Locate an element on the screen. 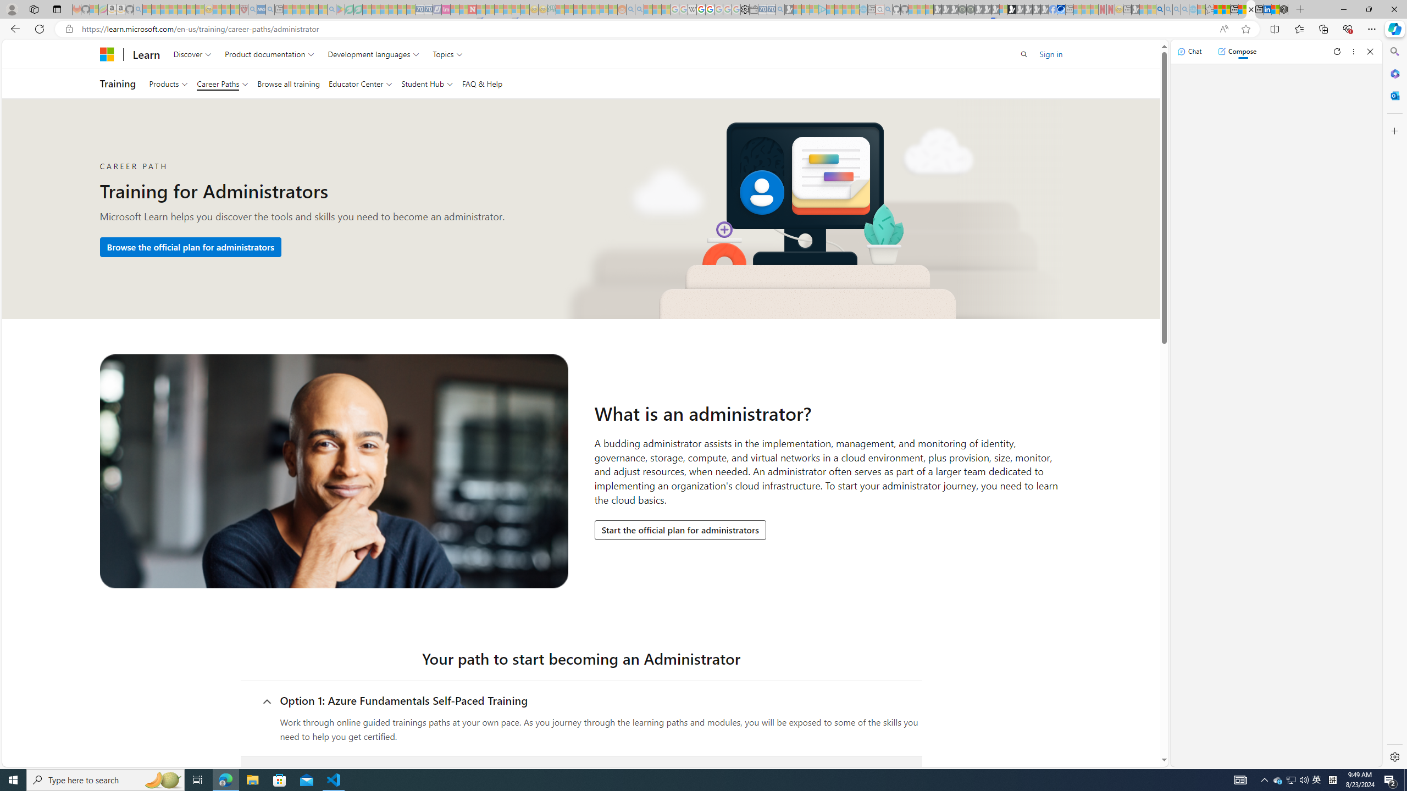  'Educator Center' is located at coordinates (360, 83).